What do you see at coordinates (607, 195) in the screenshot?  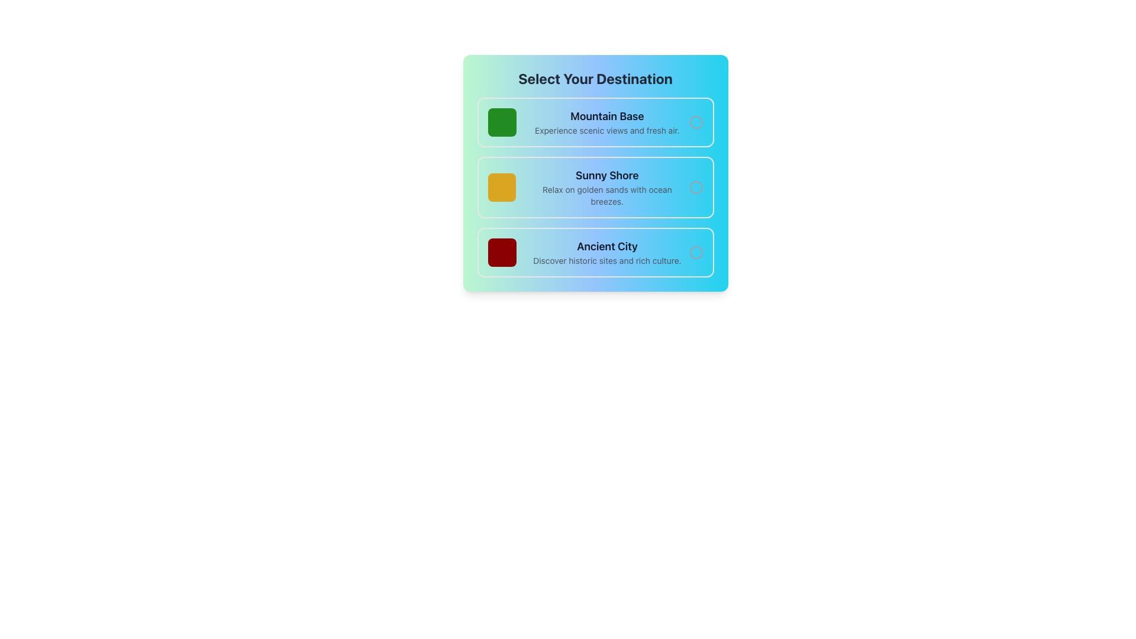 I see `descriptive text located below the title 'Sunny Shore' in the second card of three vertically stacked cards` at bounding box center [607, 195].